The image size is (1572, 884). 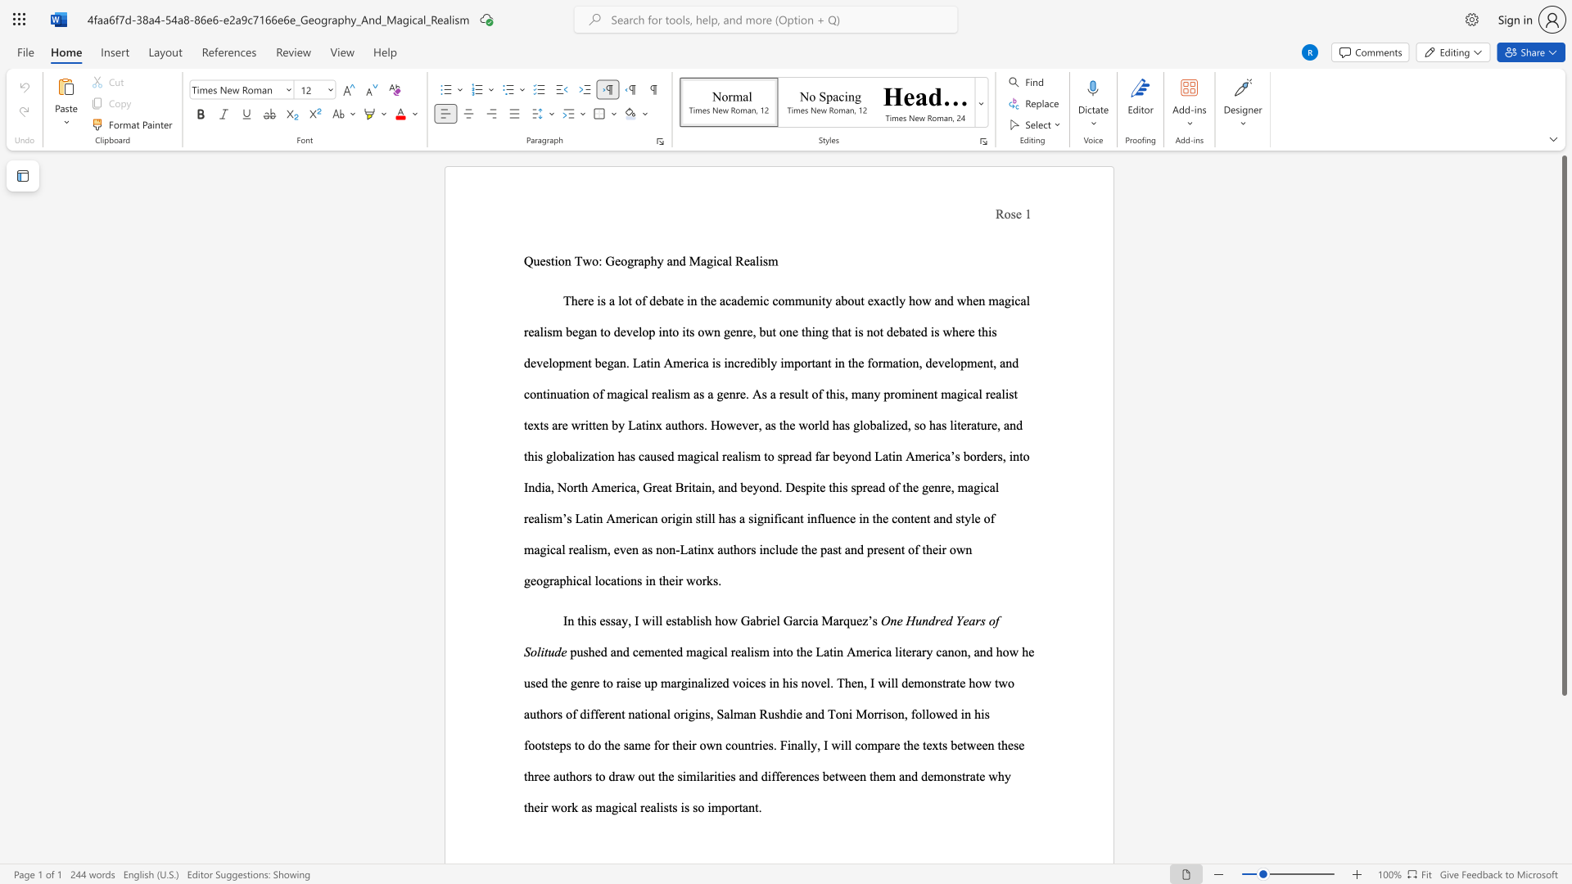 What do you see at coordinates (554, 651) in the screenshot?
I see `the subset text "de" within the text "One Hundred Years of Solitude"` at bounding box center [554, 651].